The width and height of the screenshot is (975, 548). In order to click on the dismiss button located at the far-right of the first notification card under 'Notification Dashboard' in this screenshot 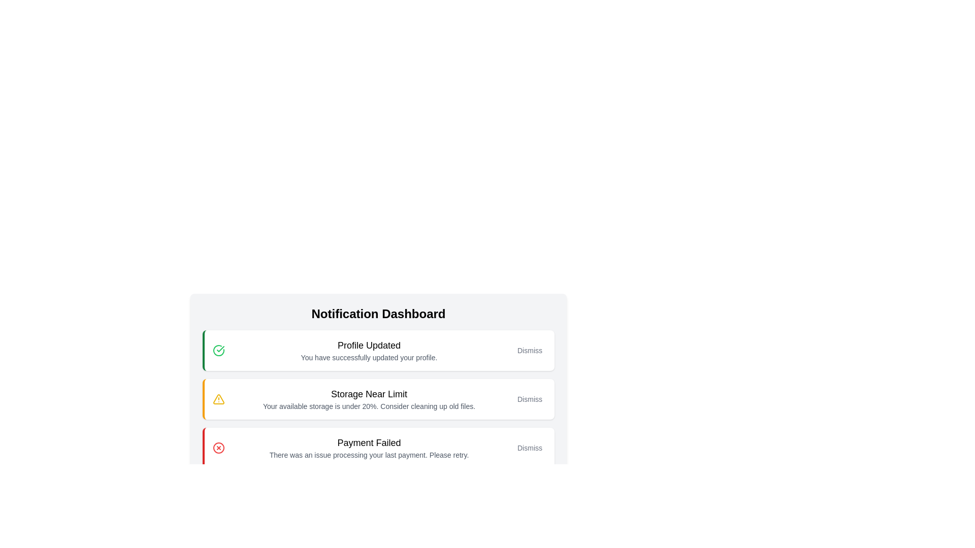, I will do `click(529, 350)`.